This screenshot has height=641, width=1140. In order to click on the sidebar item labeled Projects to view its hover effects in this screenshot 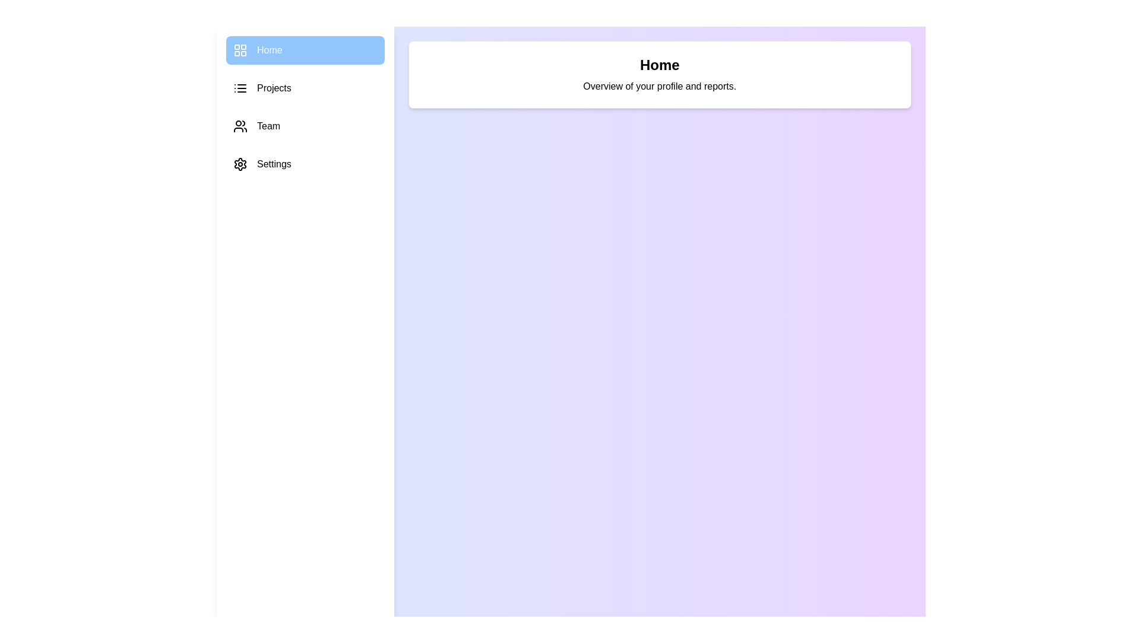, I will do `click(305, 88)`.